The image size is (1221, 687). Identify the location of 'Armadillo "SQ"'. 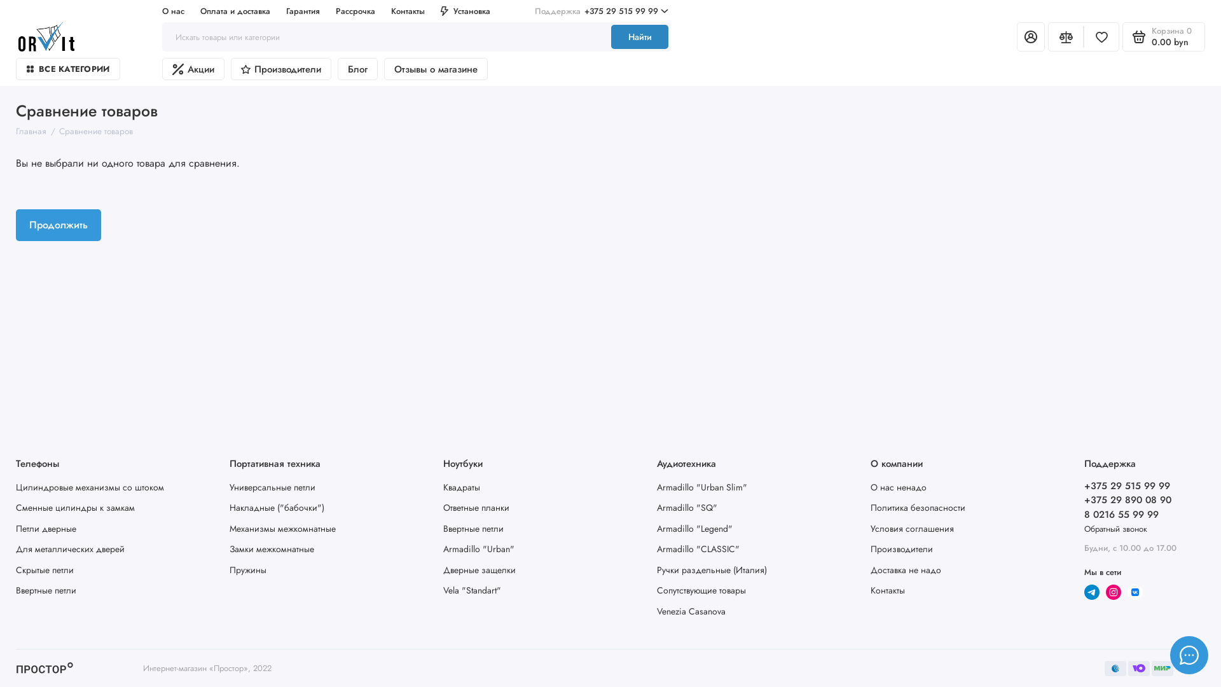
(656, 507).